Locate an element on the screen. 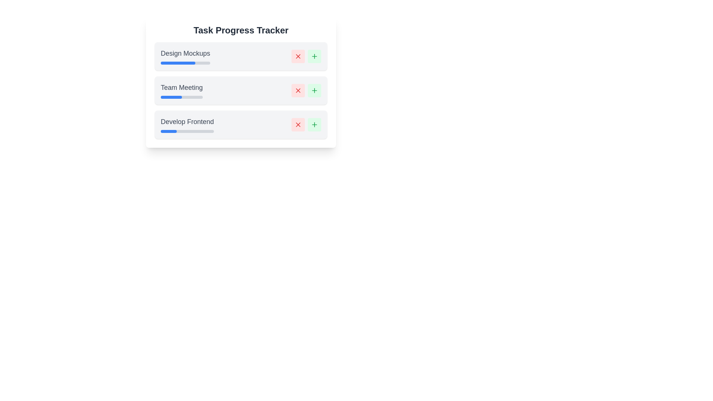  the plus button for the task Design Mockups to adjust its progress is located at coordinates (314, 56).